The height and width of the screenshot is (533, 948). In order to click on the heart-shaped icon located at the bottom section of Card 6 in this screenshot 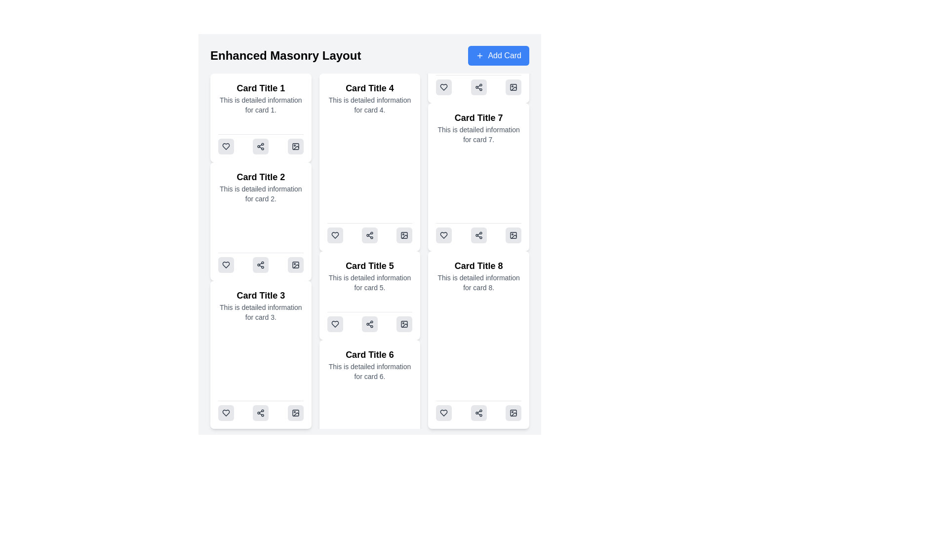, I will do `click(335, 324)`.